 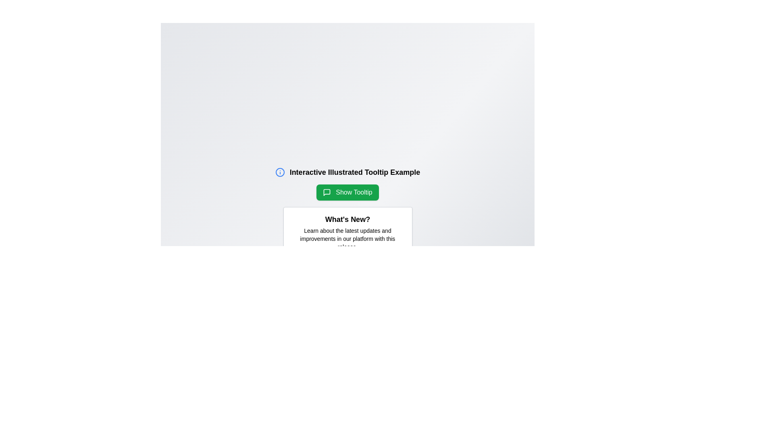 What do you see at coordinates (280, 172) in the screenshot?
I see `the information icon located to the left of the text 'Interactive Illustrated Tooltip Example'` at bounding box center [280, 172].